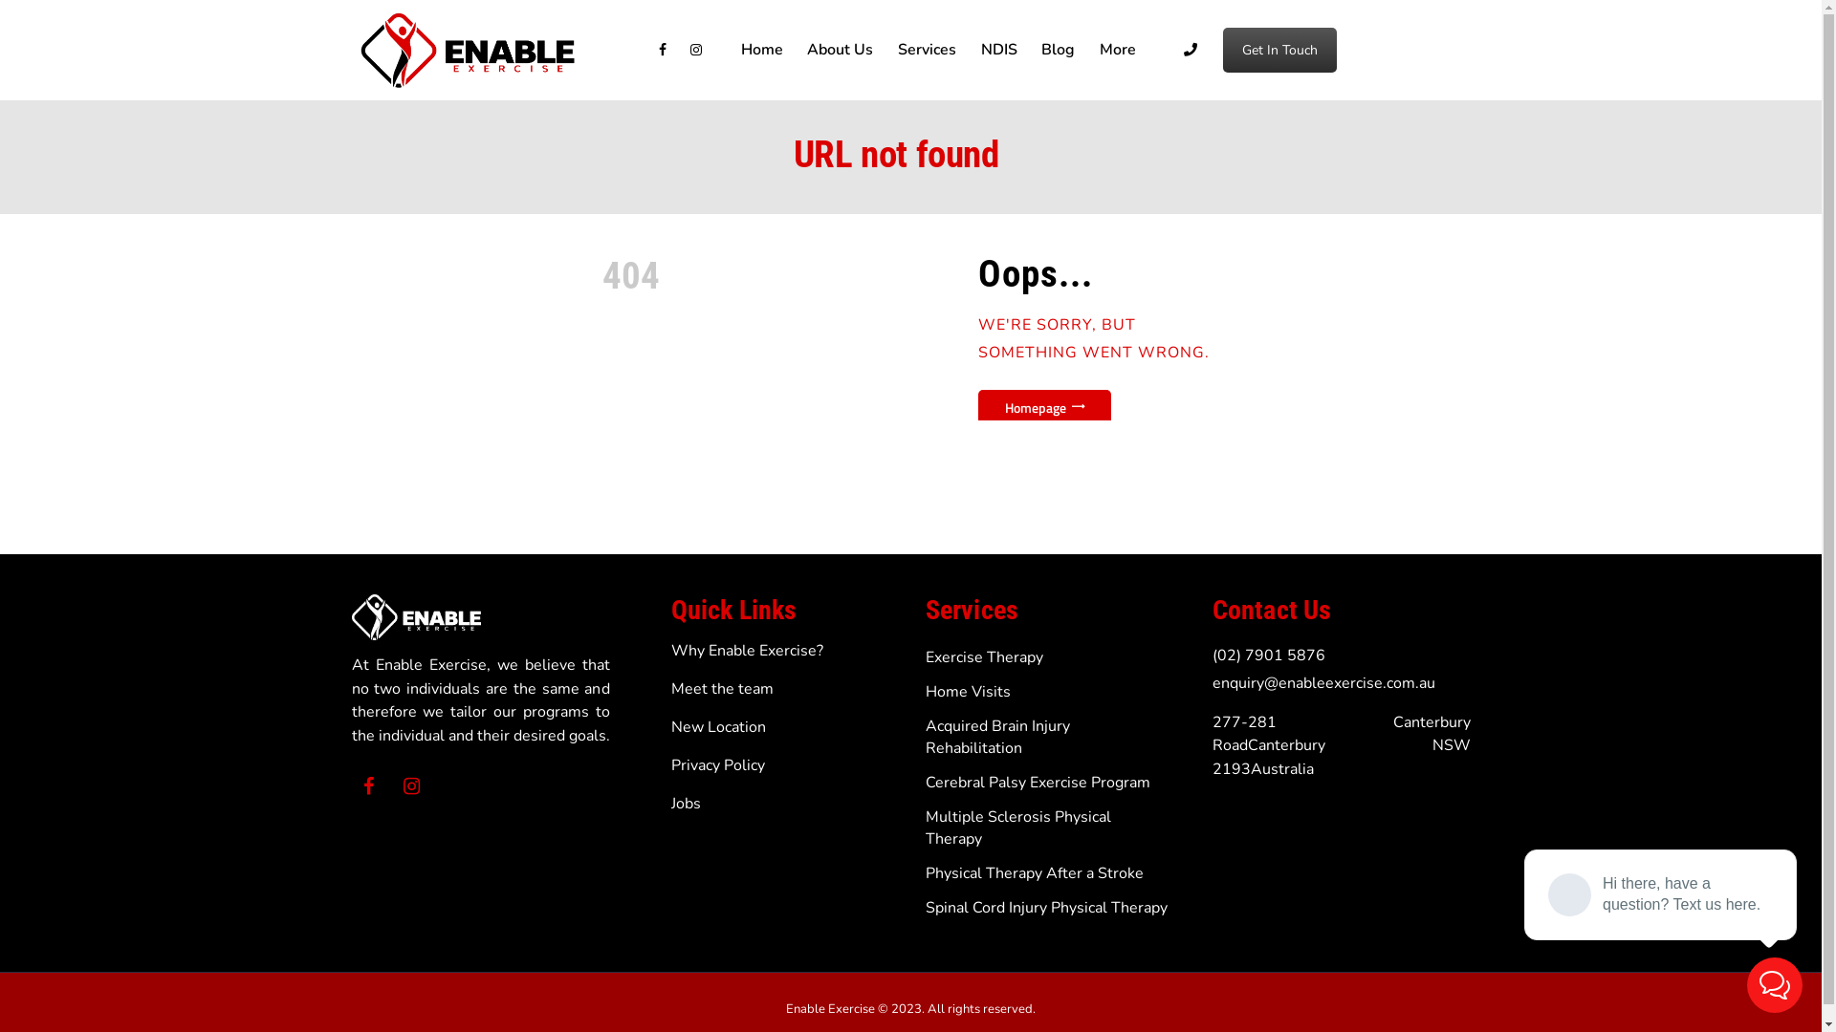  I want to click on 'NDIS', so click(998, 49).